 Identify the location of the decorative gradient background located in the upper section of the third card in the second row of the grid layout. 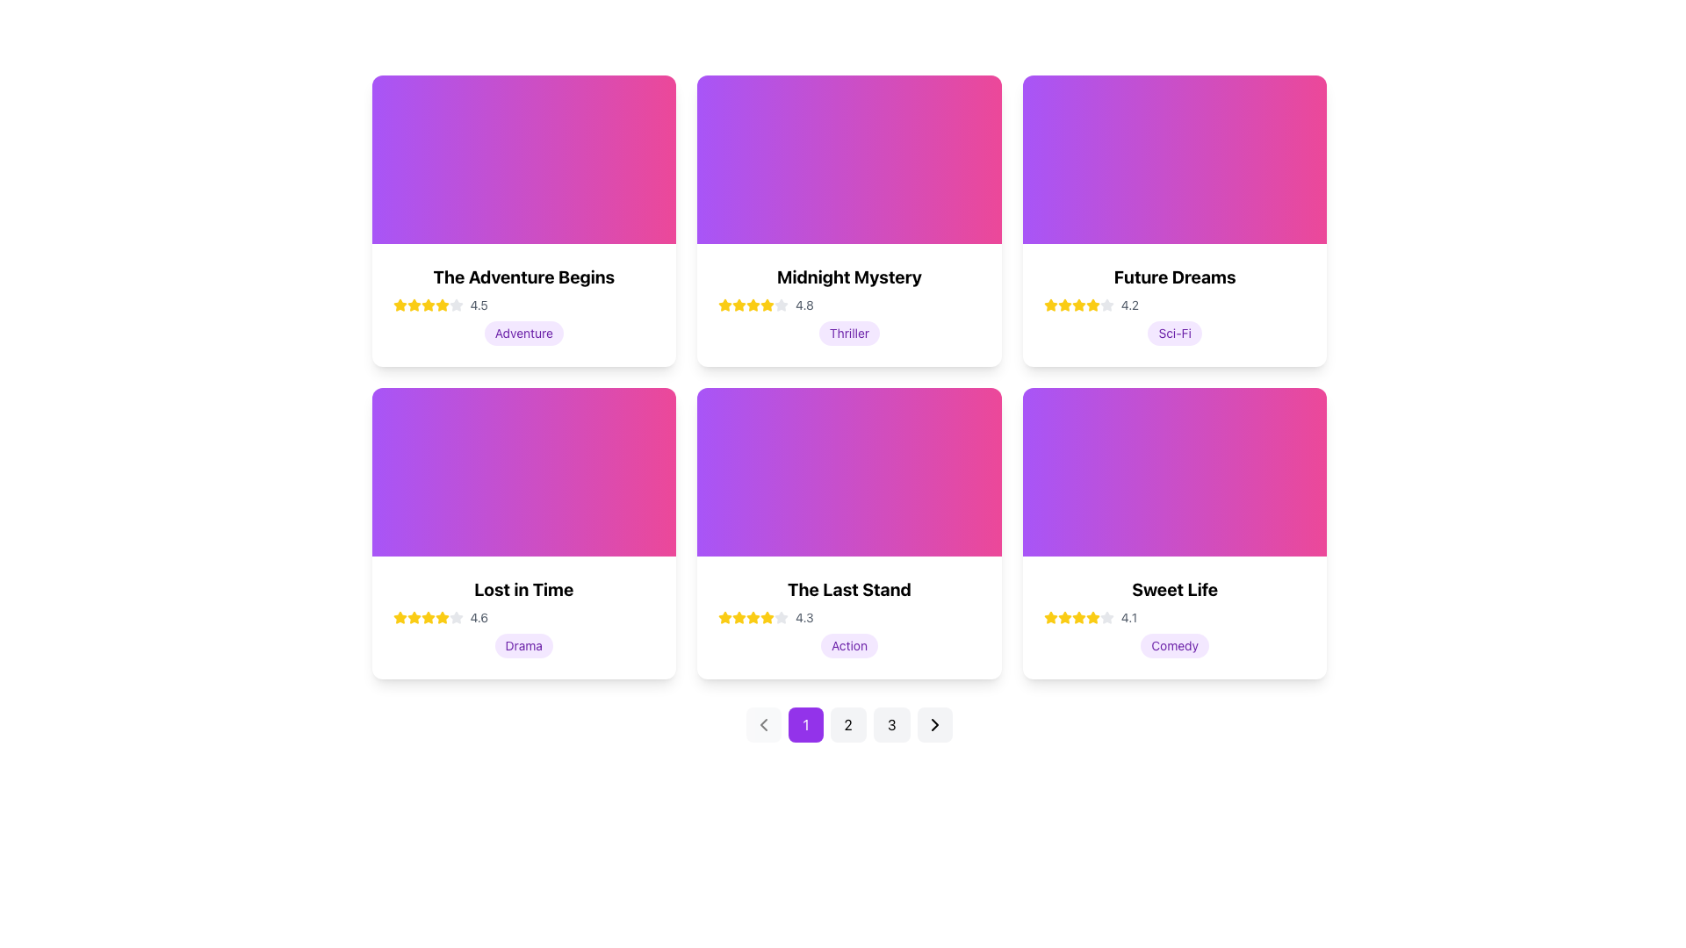
(849, 470).